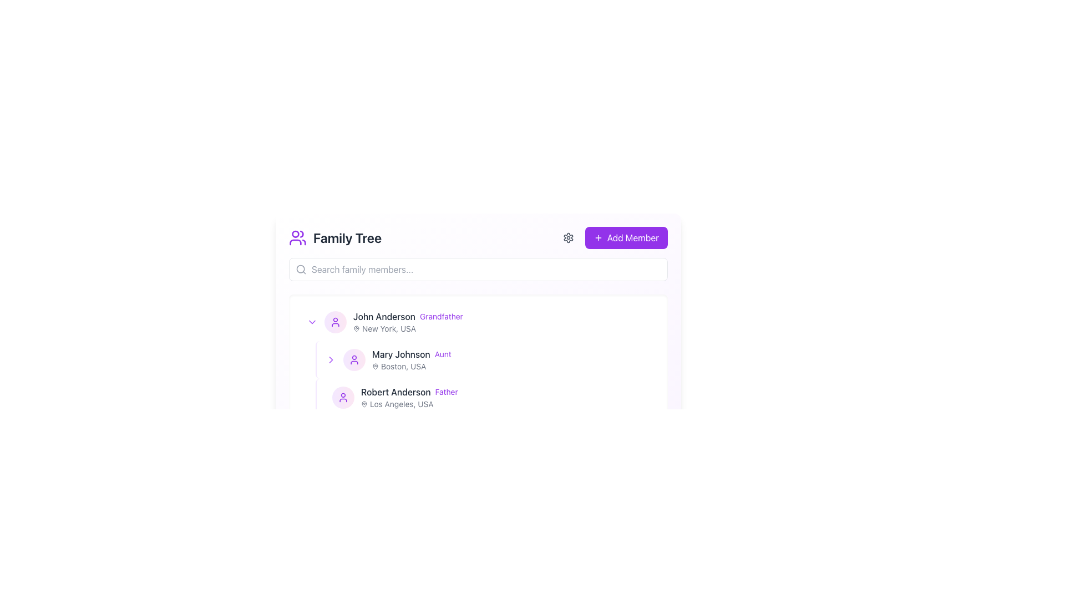  I want to click on the icon on the left-hand side of the entry labeled 'Mary Johnson Aunt', so click(330, 359).